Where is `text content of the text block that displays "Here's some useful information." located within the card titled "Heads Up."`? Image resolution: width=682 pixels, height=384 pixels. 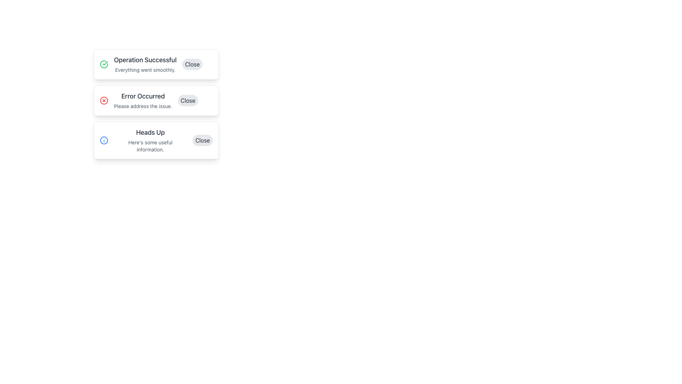 text content of the text block that displays "Here's some useful information." located within the card titled "Heads Up." is located at coordinates (150, 146).